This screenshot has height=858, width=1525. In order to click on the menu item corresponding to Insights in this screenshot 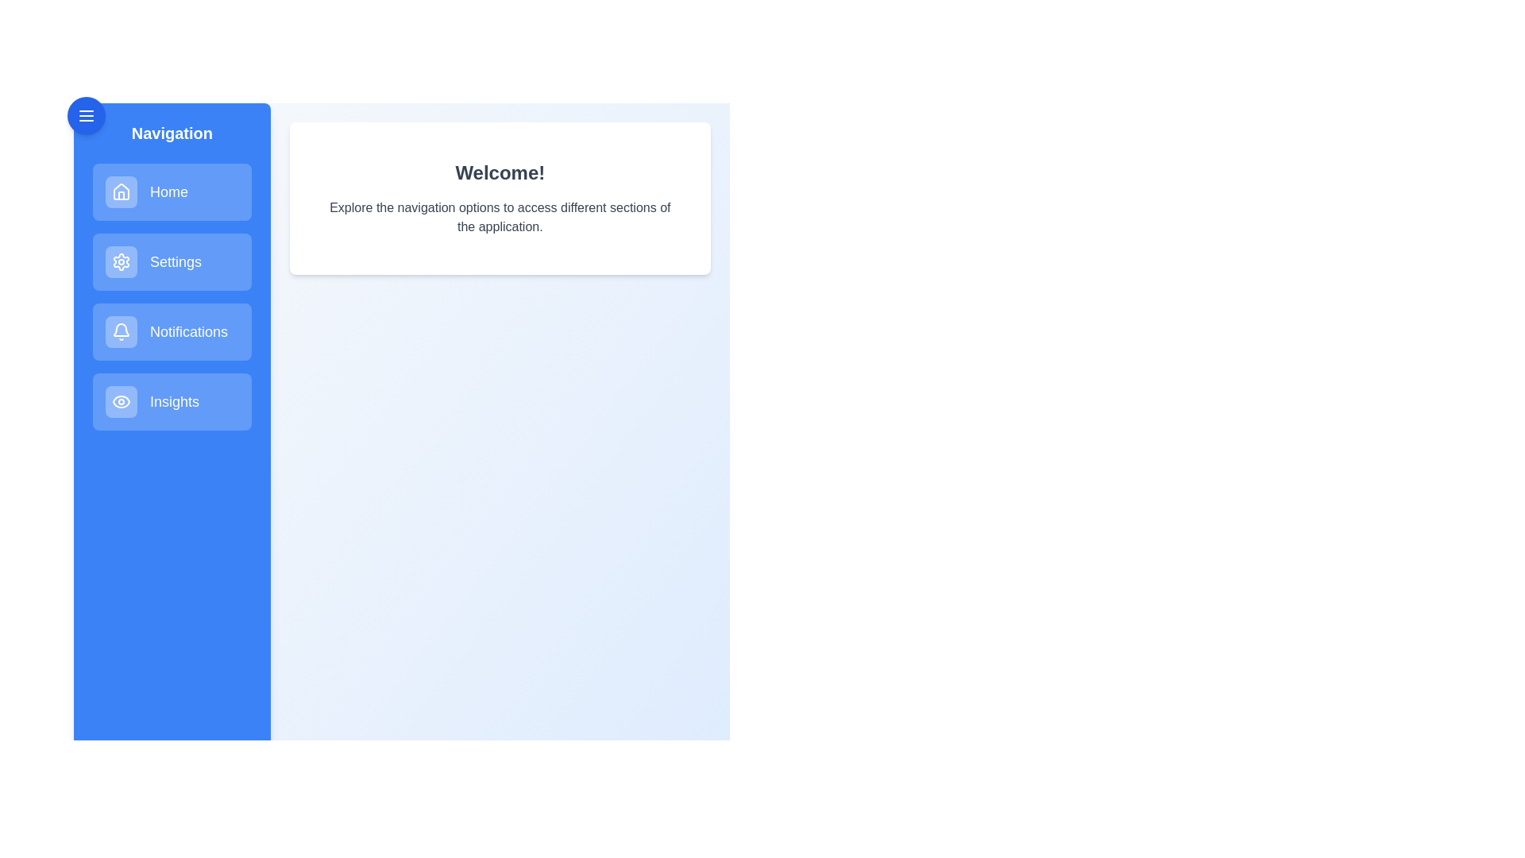, I will do `click(172, 400)`.